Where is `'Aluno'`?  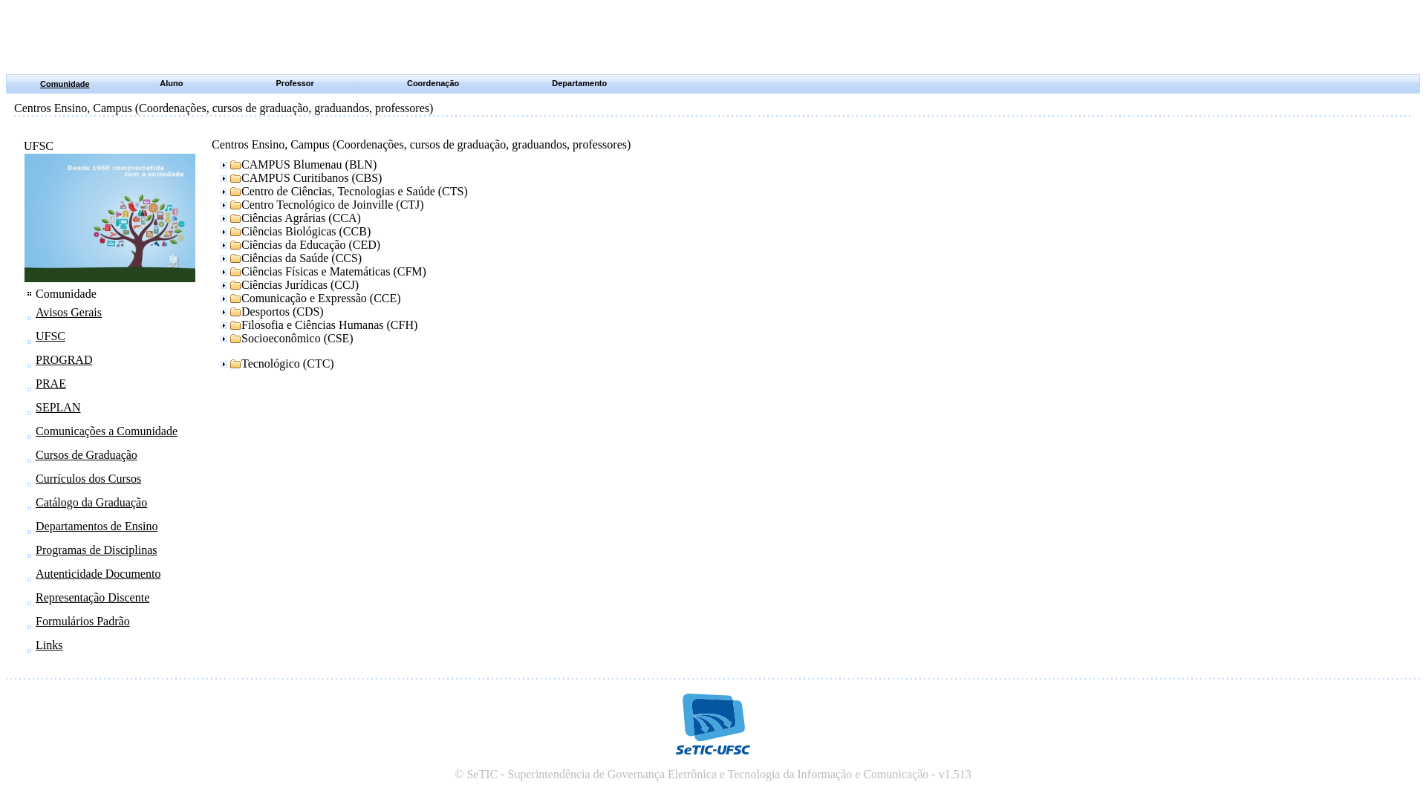 'Aluno' is located at coordinates (171, 82).